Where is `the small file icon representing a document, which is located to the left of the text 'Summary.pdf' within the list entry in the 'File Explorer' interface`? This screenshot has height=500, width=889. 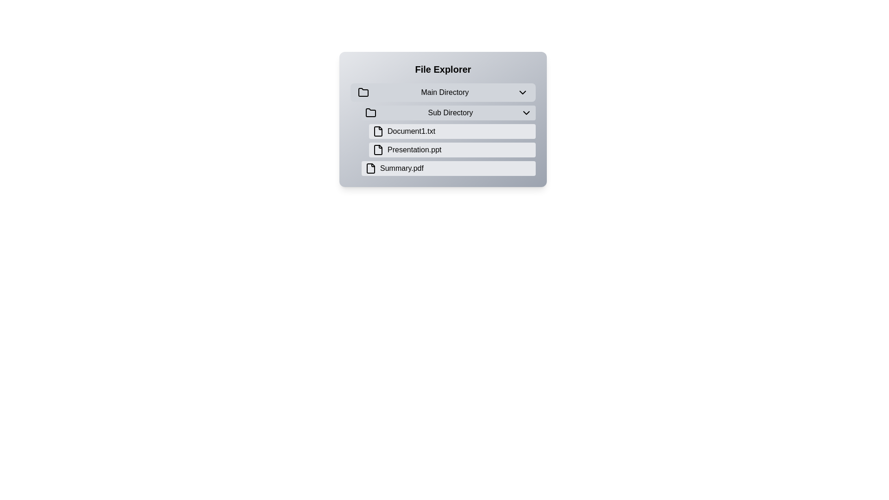 the small file icon representing a document, which is located to the left of the text 'Summary.pdf' within the list entry in the 'File Explorer' interface is located at coordinates (371, 168).